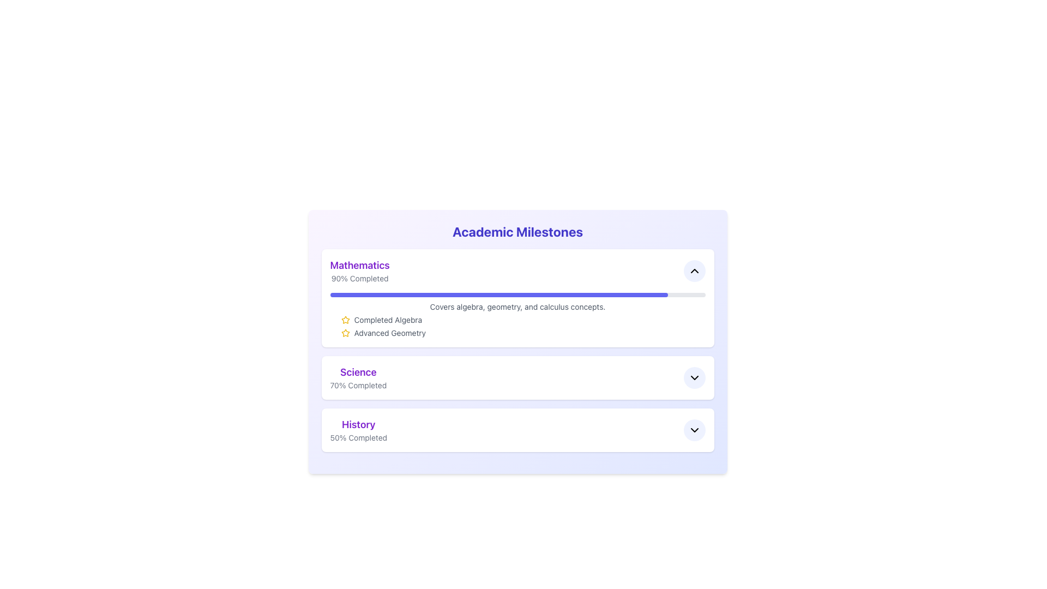 This screenshot has height=589, width=1047. Describe the element at coordinates (498, 294) in the screenshot. I see `the Progress Bar representing the completion of the 'Mathematics' milestone, which shows that 90% of the milestone has been achieved, located beneath the '90% Completed' text` at that location.